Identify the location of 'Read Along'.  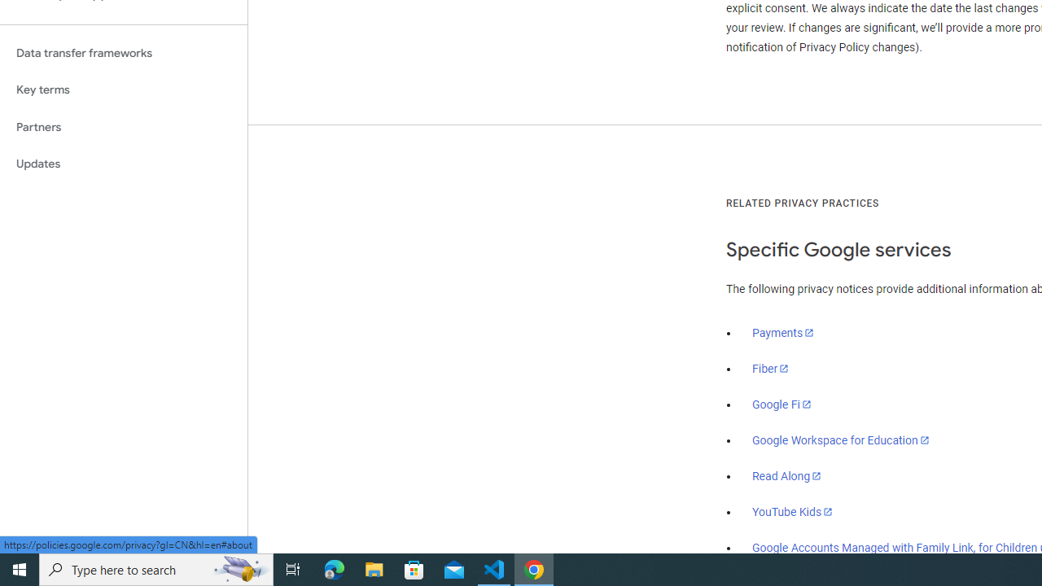
(787, 476).